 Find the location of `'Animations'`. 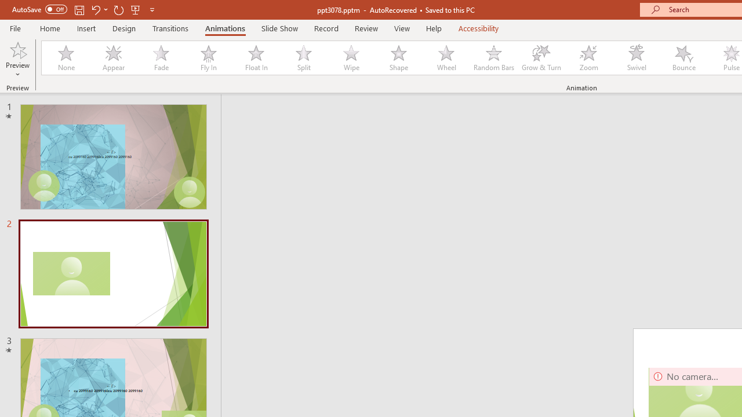

'Animations' is located at coordinates (225, 28).